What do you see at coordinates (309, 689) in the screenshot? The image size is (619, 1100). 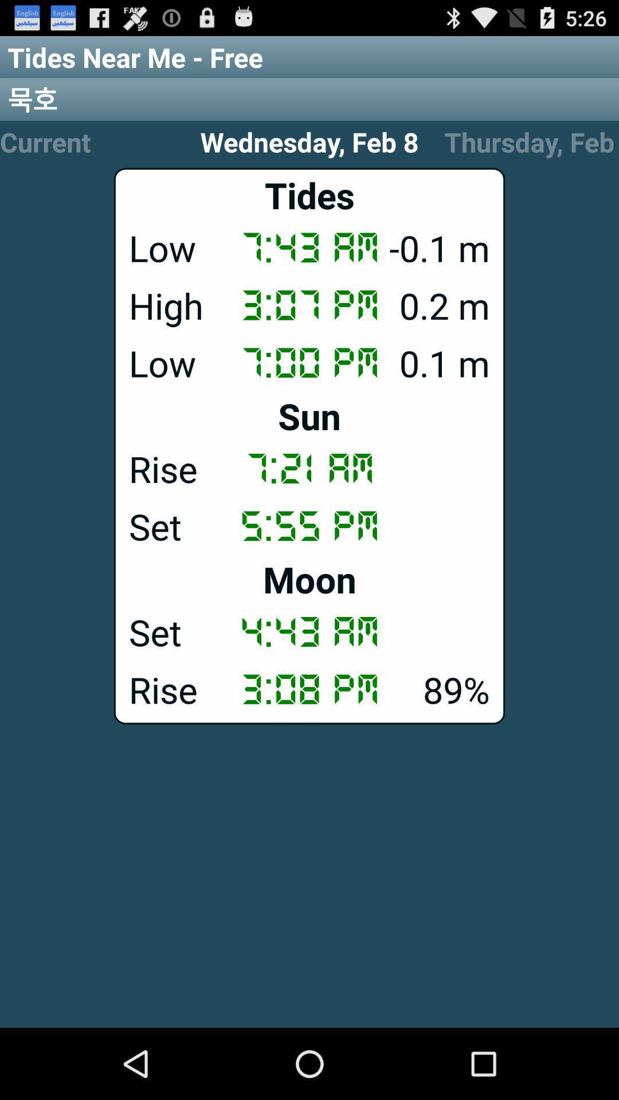 I see `the 89% app` at bounding box center [309, 689].